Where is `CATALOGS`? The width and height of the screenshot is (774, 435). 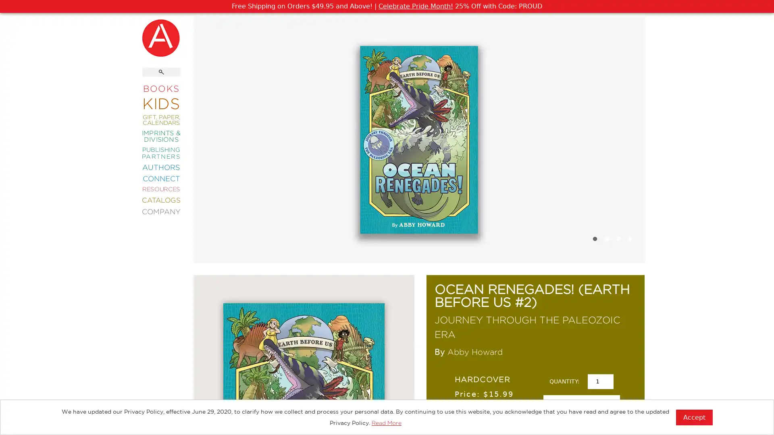
CATALOGS is located at coordinates (161, 199).